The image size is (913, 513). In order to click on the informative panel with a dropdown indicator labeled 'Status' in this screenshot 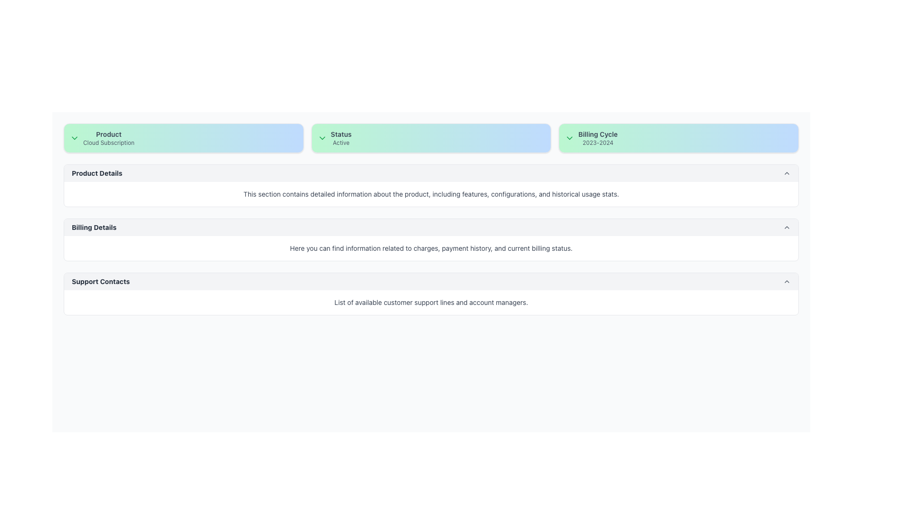, I will do `click(431, 138)`.